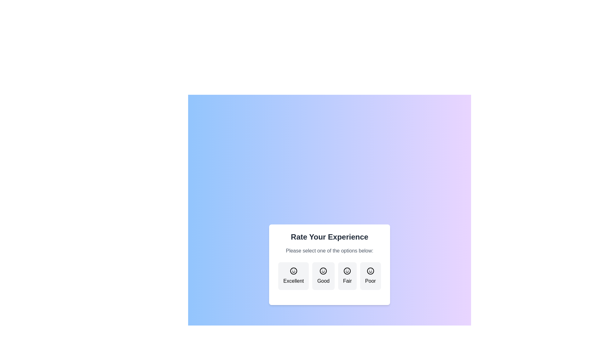 This screenshot has height=340, width=605. Describe the element at coordinates (370, 270) in the screenshot. I see `the SVG circle element representing the 'Poor' rating in the smiley face icon, which is located at the center of the icon under the text 'Please select one of the options below.'` at that location.